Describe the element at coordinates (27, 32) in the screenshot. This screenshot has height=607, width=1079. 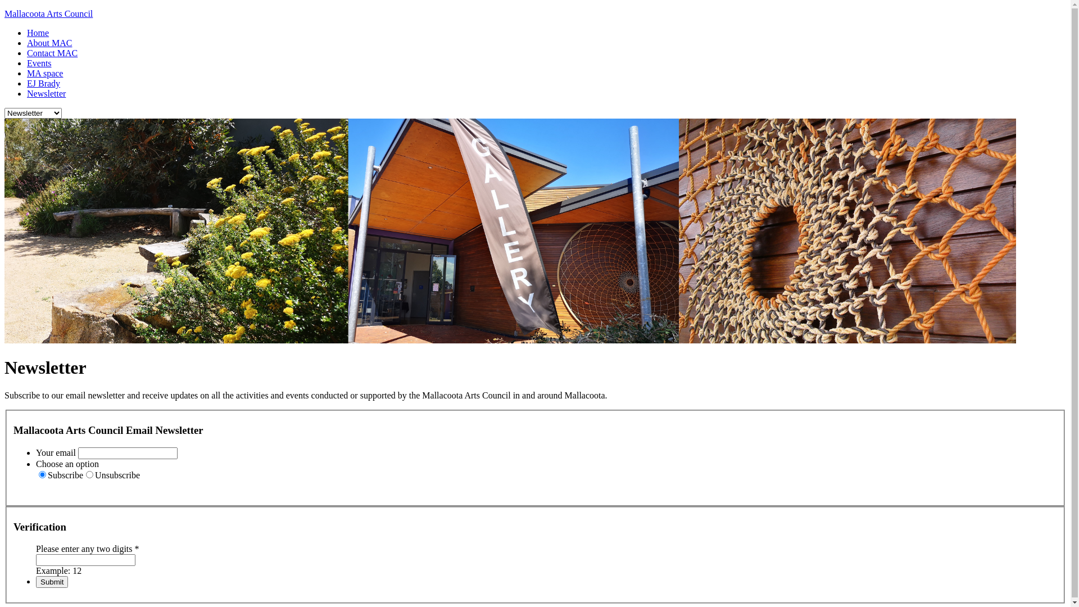
I see `'Home'` at that location.